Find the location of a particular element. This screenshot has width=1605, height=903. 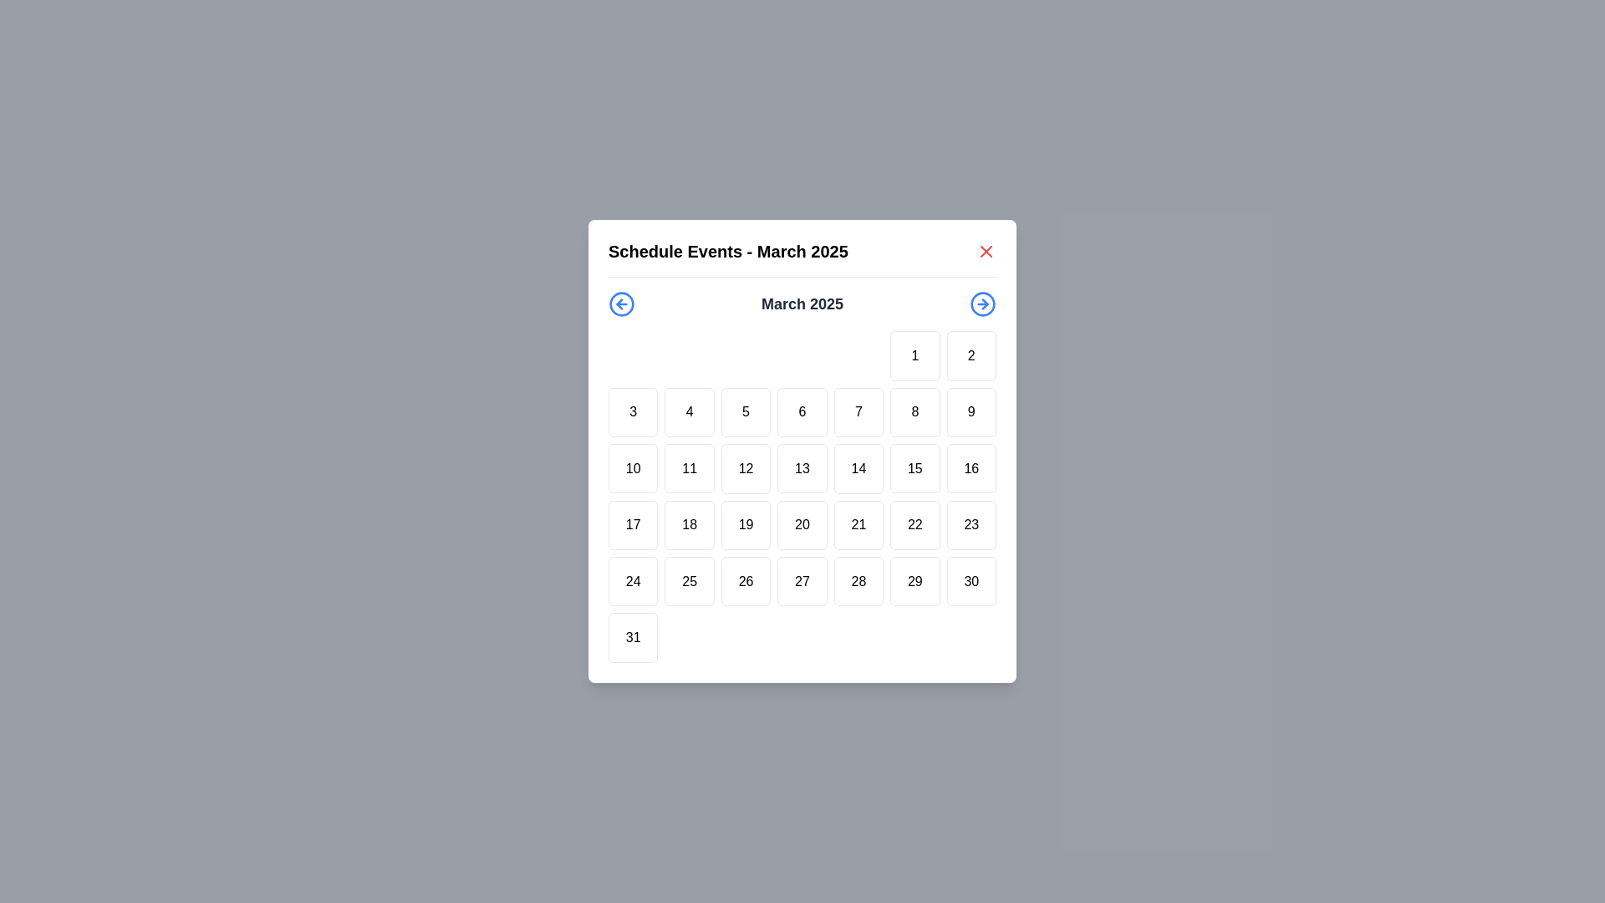

the circular button with a leftward arrow located to the left of the text 'March 2025' in the calendar dialog header is located at coordinates (621, 304).